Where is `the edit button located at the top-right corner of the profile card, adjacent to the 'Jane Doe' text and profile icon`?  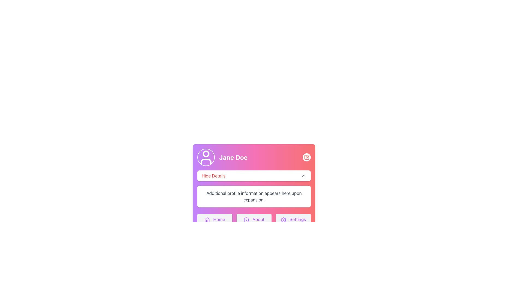 the edit button located at the top-right corner of the profile card, adjacent to the 'Jane Doe' text and profile icon is located at coordinates (306, 157).